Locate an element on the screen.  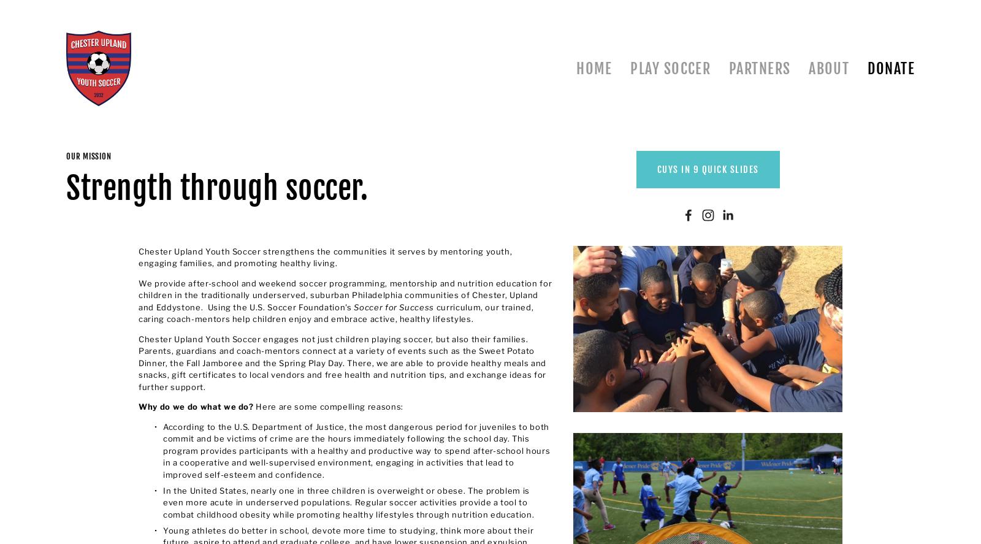
'In the United States, nearly one in three children is overweight or obese. The problem is even more acute in underserved populations. Regular soccer activities provide a tool to combat childhood obesity while promoting healthy lifestyles through nutrition education.' is located at coordinates (348, 502).